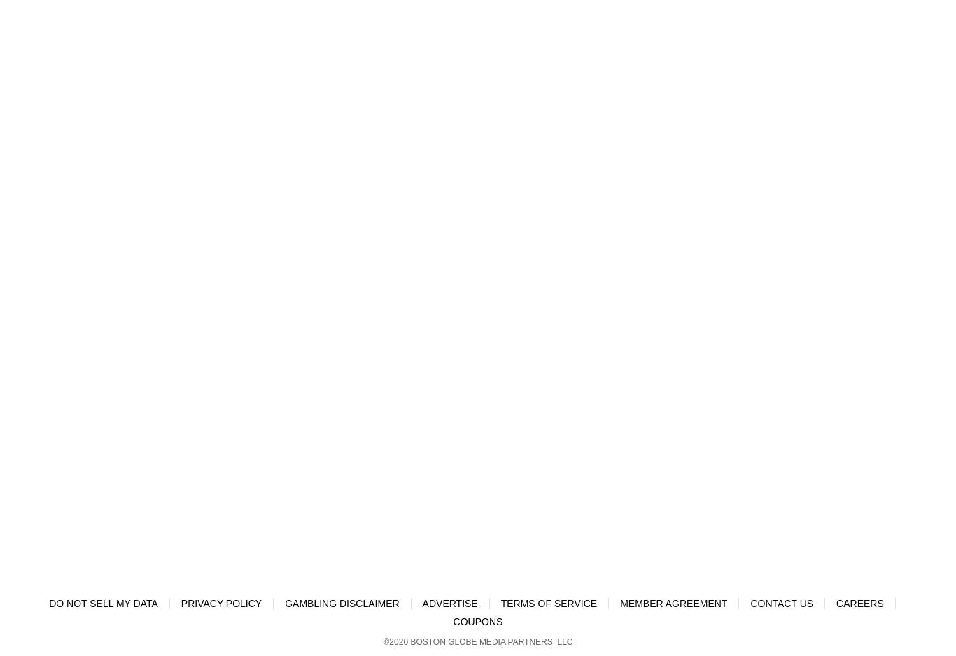 The height and width of the screenshot is (656, 956). I want to click on 'ADVERTISE', so click(449, 602).